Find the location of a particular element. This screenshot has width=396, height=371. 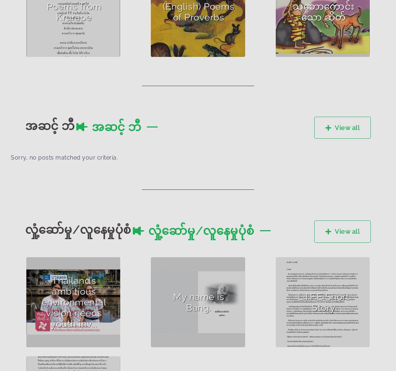

'Sorry, no posts matched your criteria.' is located at coordinates (10, 157).